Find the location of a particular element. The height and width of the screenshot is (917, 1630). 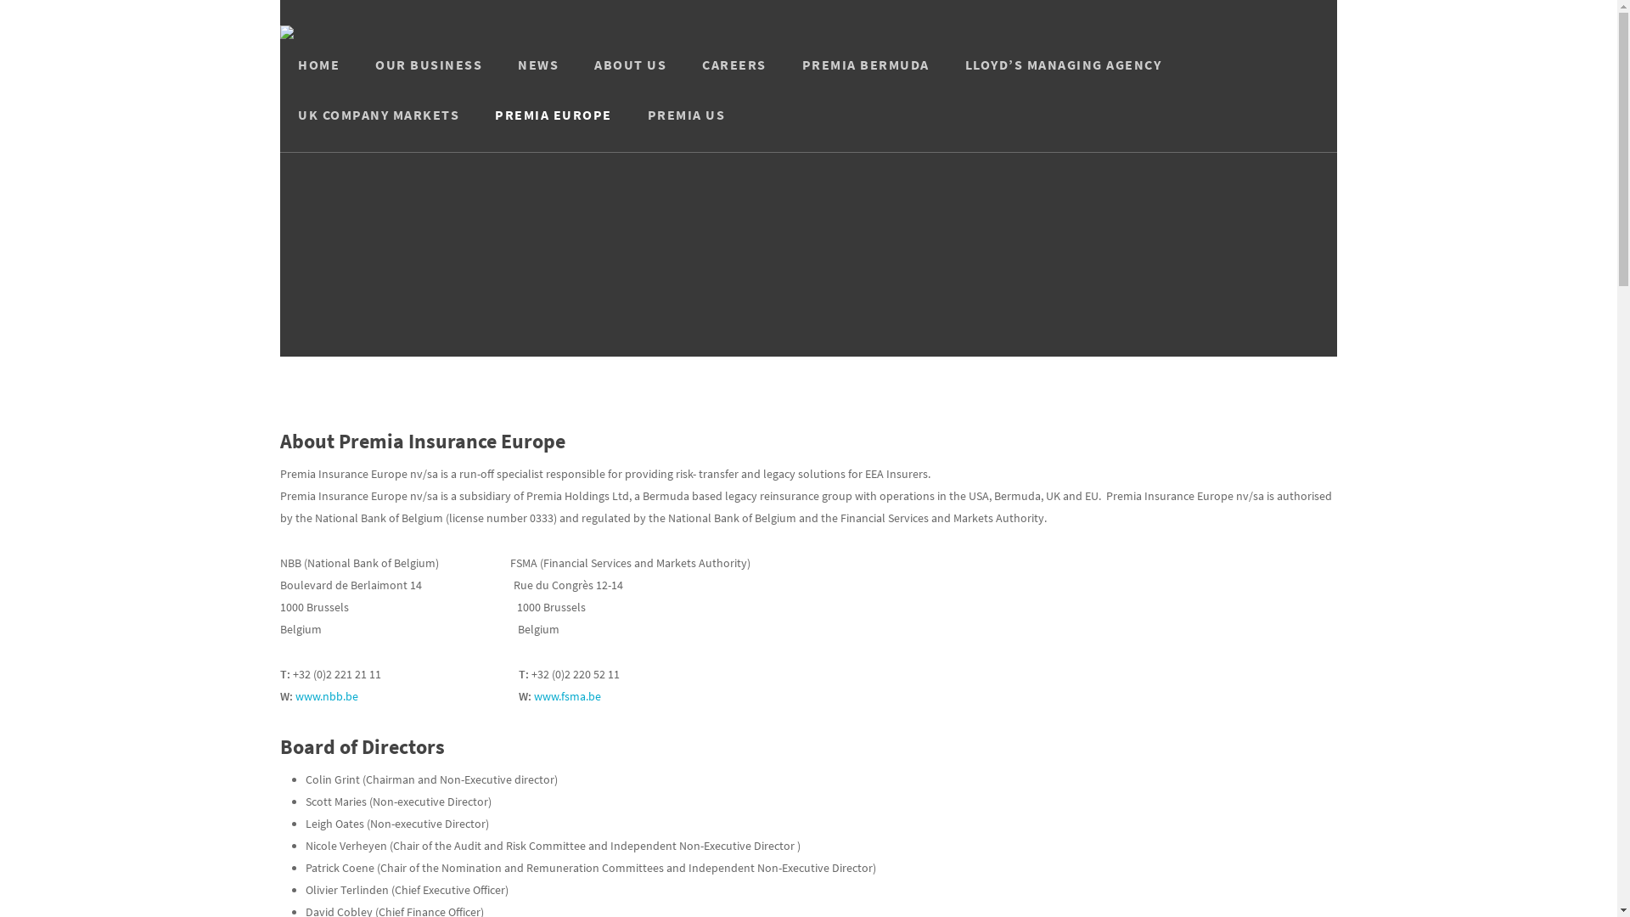

'ABOUT US' is located at coordinates (629, 77).